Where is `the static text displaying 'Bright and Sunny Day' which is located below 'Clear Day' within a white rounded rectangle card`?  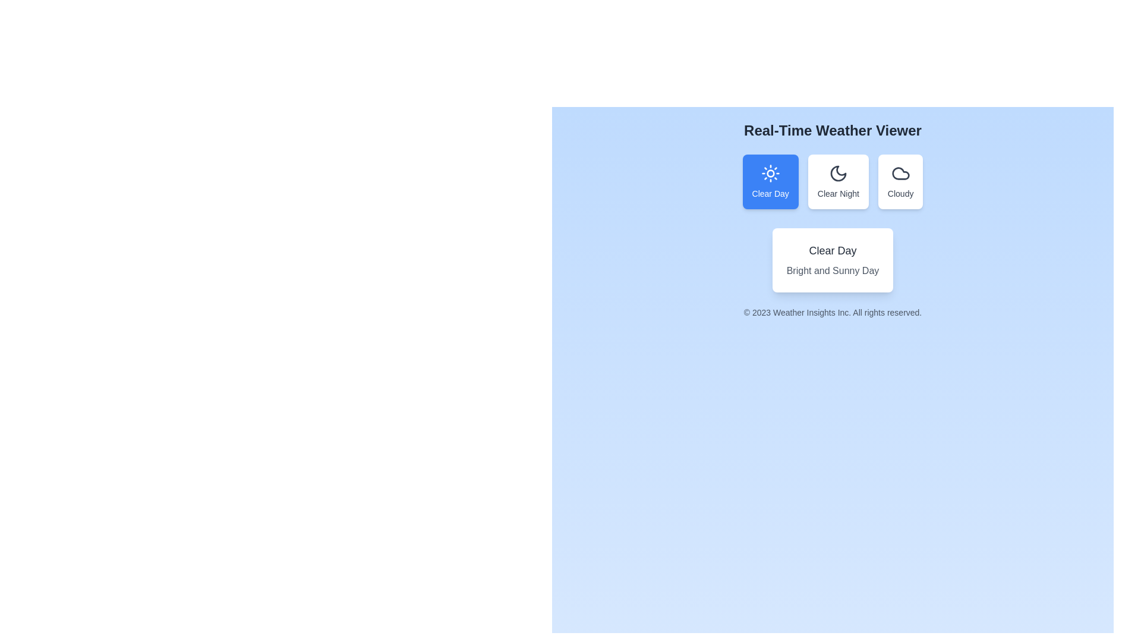
the static text displaying 'Bright and Sunny Day' which is located below 'Clear Day' within a white rounded rectangle card is located at coordinates (832, 270).